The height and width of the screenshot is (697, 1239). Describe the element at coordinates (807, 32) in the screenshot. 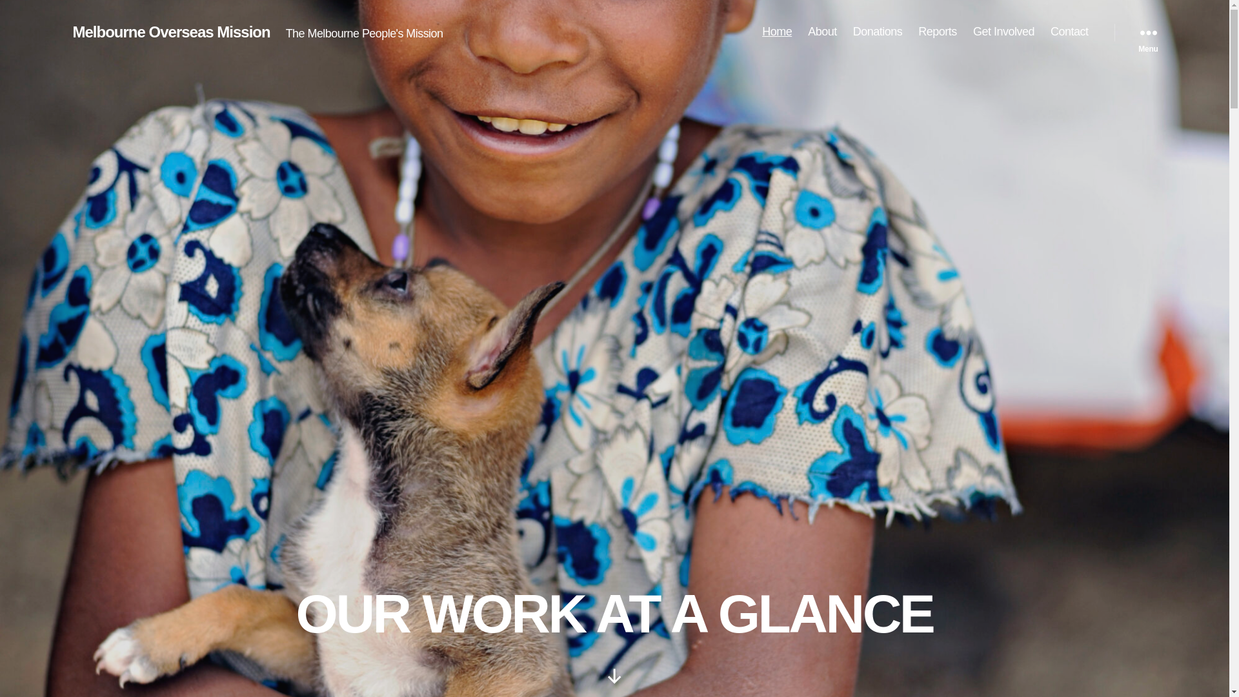

I see `'About'` at that location.